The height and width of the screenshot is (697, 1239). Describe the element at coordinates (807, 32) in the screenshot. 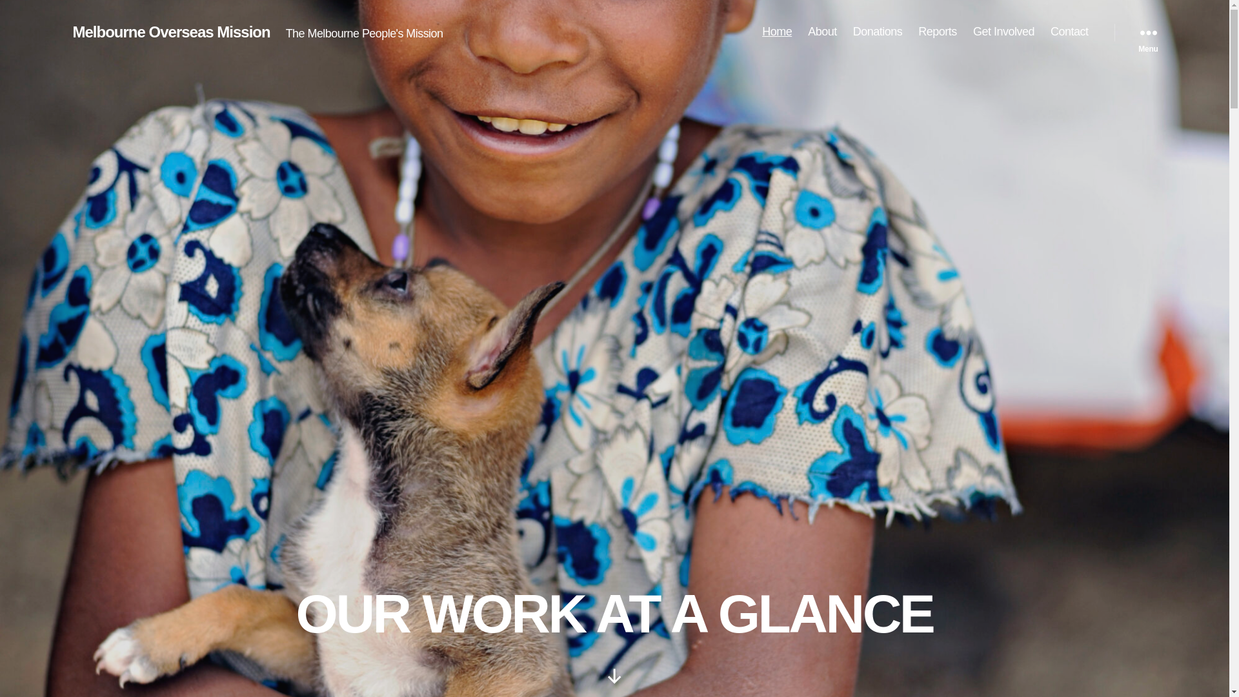

I see `'About'` at that location.